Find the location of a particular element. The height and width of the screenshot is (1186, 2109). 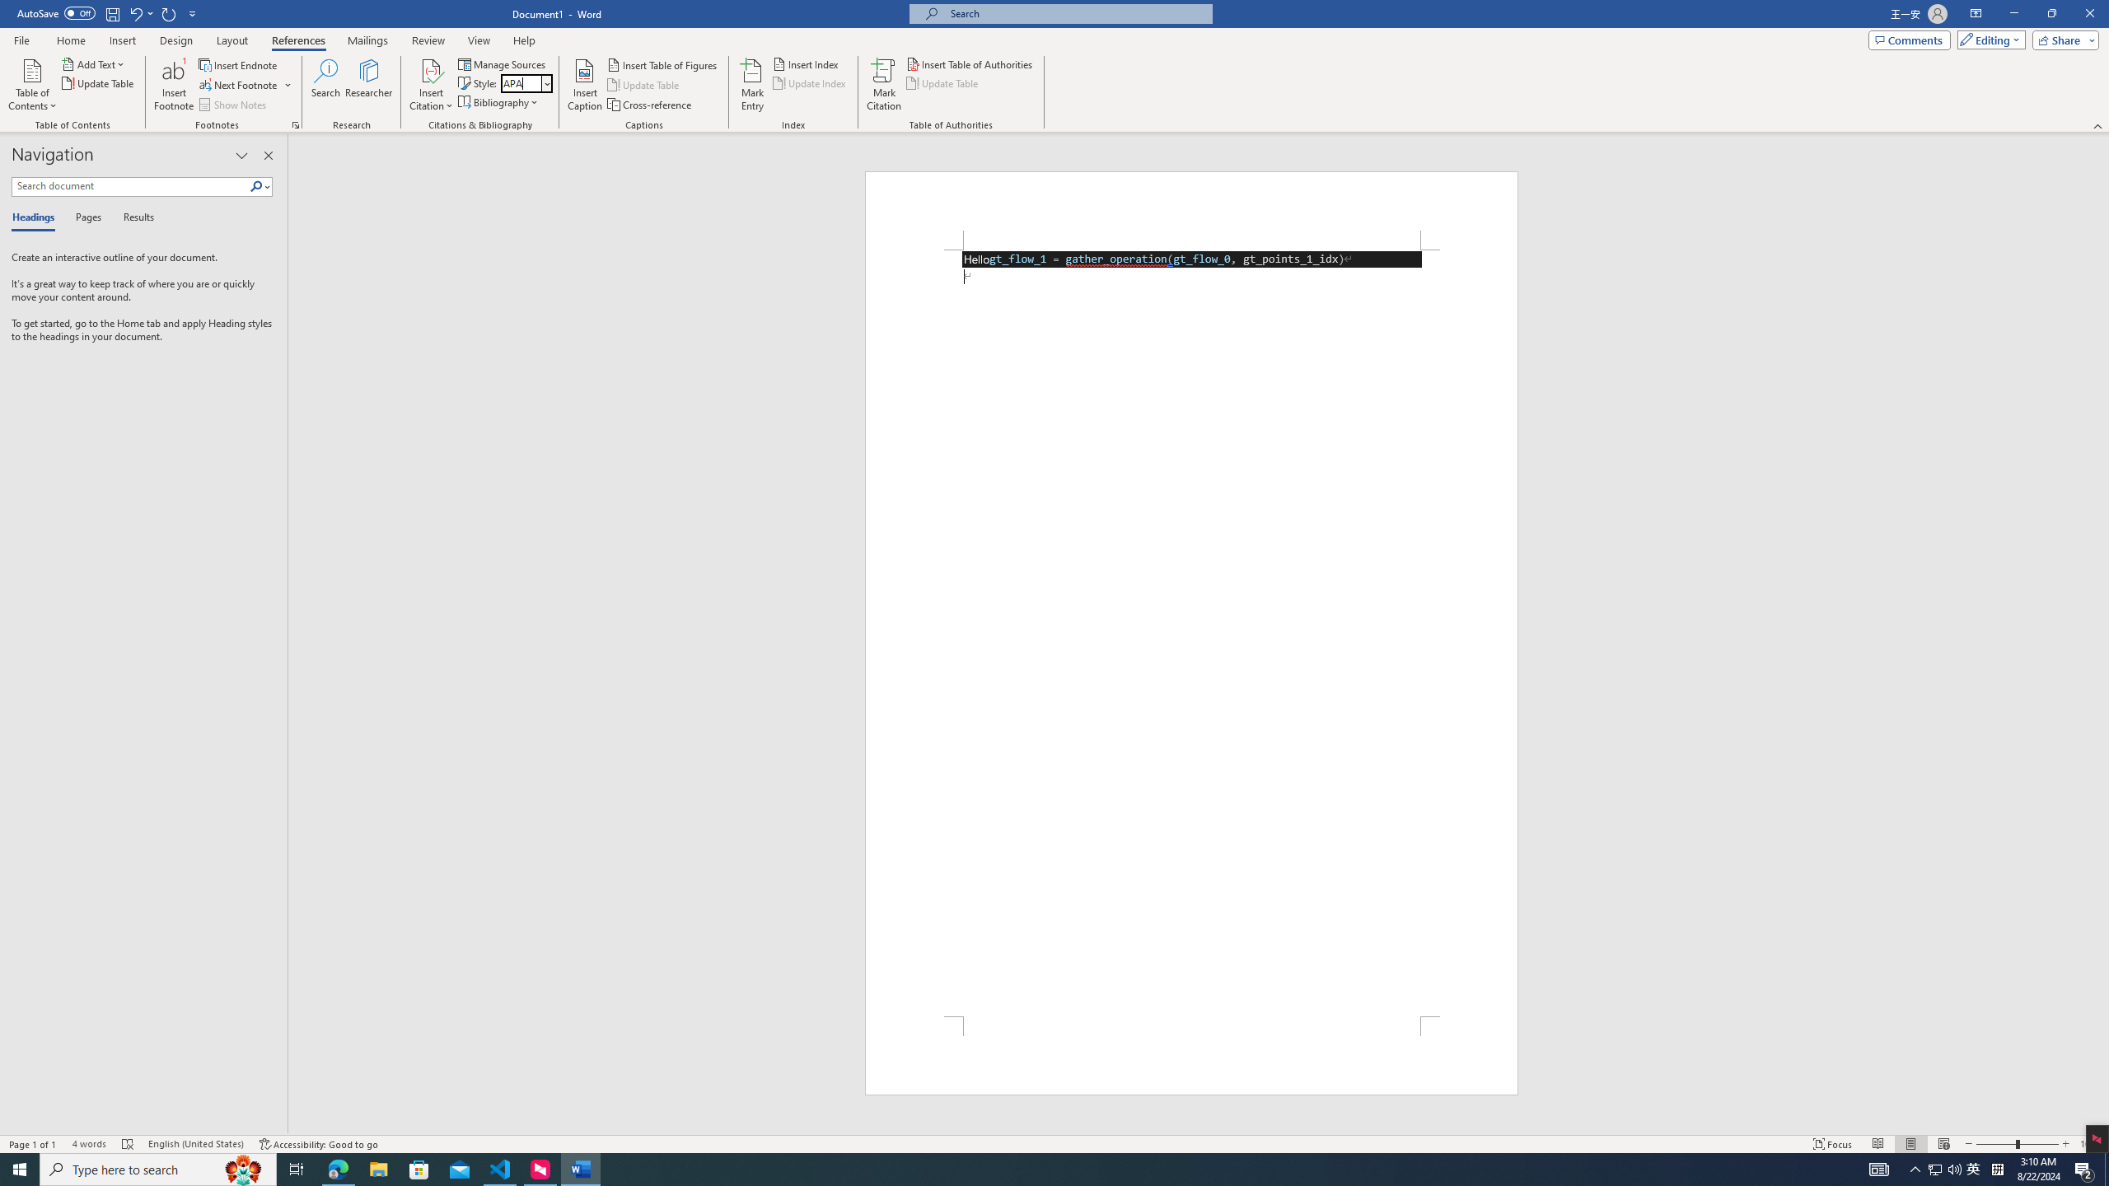

'Zoom 100%' is located at coordinates (2090, 1144).